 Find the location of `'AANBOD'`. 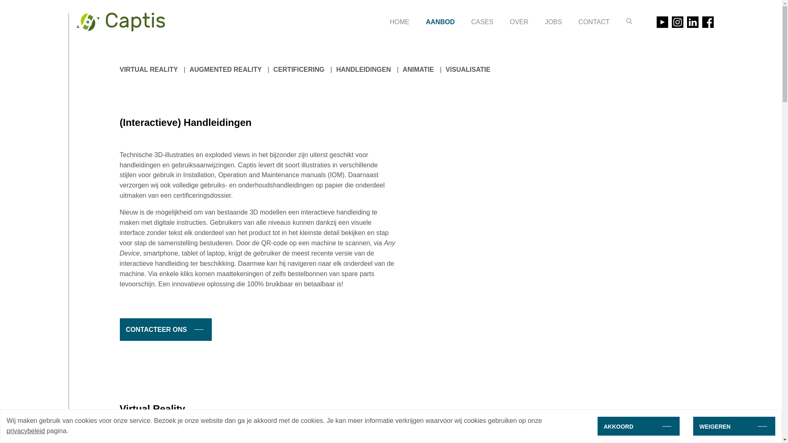

'AANBOD' is located at coordinates (440, 22).